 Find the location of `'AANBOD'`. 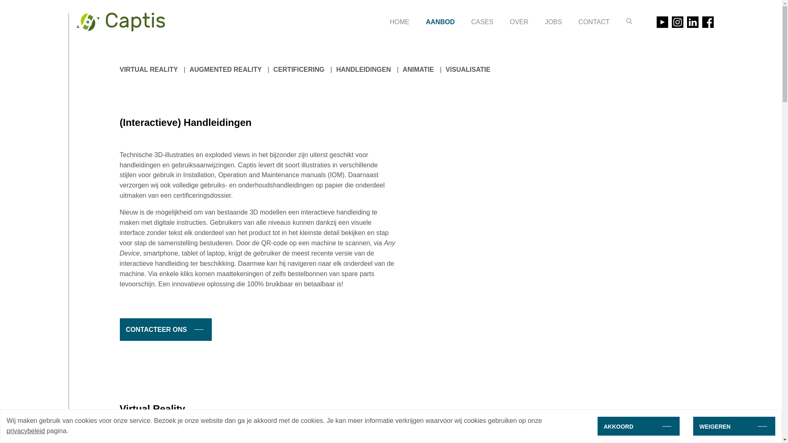

'AANBOD' is located at coordinates (440, 22).